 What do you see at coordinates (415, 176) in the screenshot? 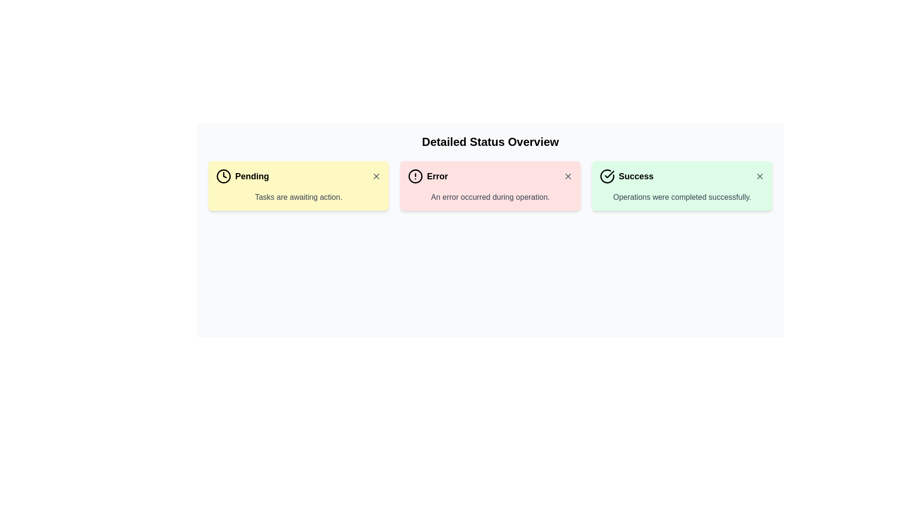
I see `the Decorative Icon indicating an error state, located to the left of the 'Error' text label in the Detailed Status Overview panel` at bounding box center [415, 176].